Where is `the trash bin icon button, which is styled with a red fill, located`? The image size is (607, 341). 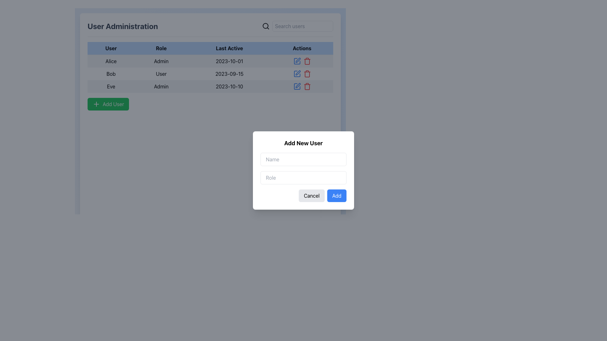 the trash bin icon button, which is styled with a red fill, located is located at coordinates (307, 74).